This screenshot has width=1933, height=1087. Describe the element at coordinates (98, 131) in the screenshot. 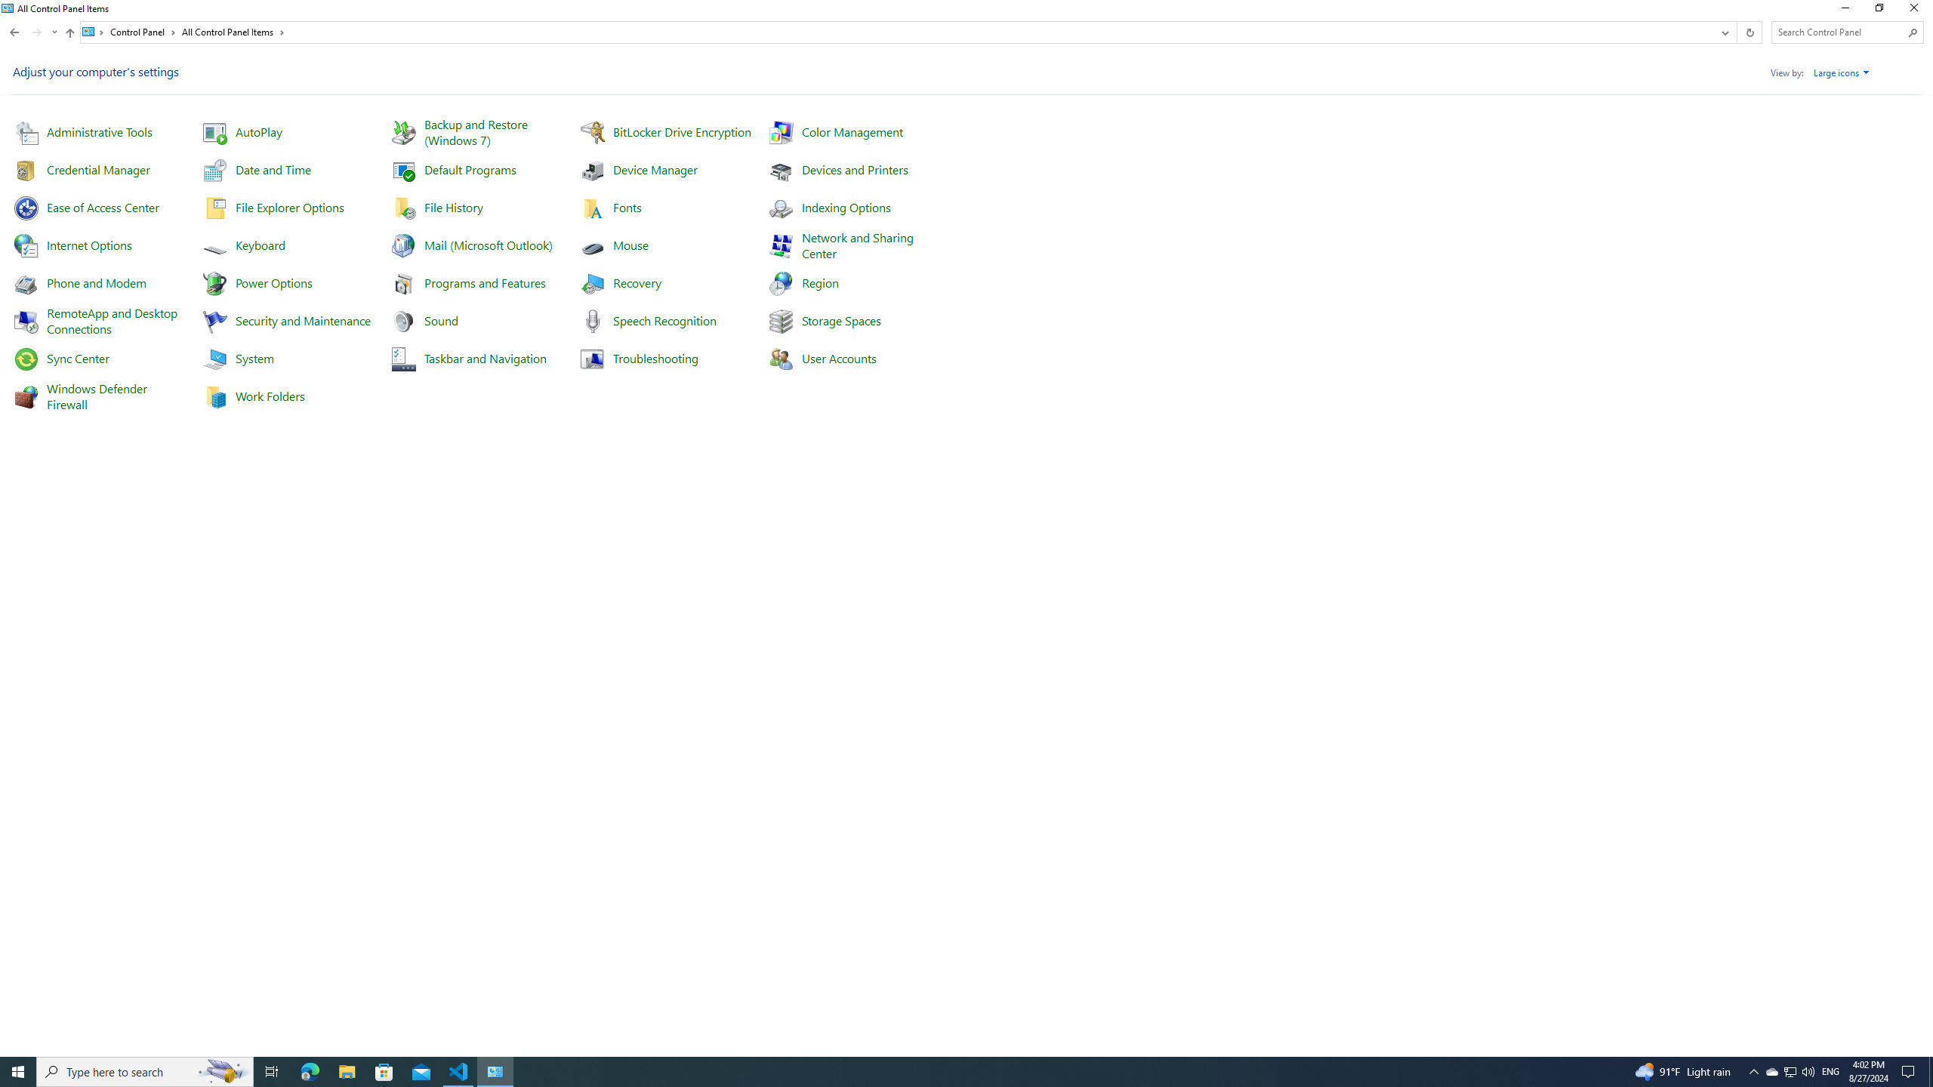

I see `'Administrative Tools'` at that location.